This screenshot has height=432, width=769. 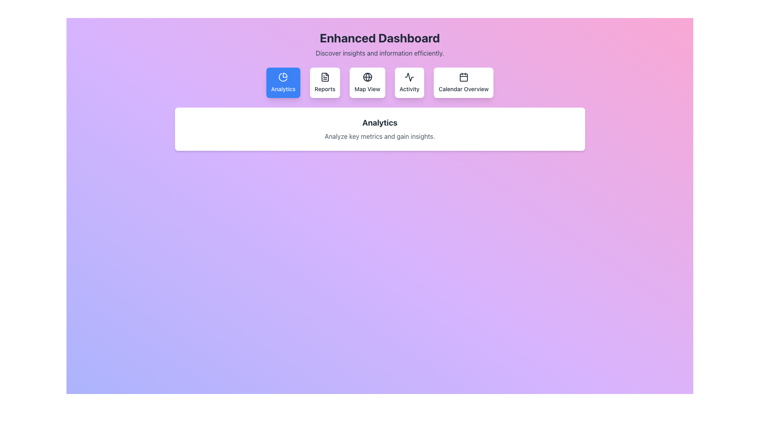 What do you see at coordinates (367, 77) in the screenshot?
I see `the 'Map View' icon, which is the third actionable button in the top feature selection row, positioned between the 'Reports' and 'Activity' buttons` at bounding box center [367, 77].